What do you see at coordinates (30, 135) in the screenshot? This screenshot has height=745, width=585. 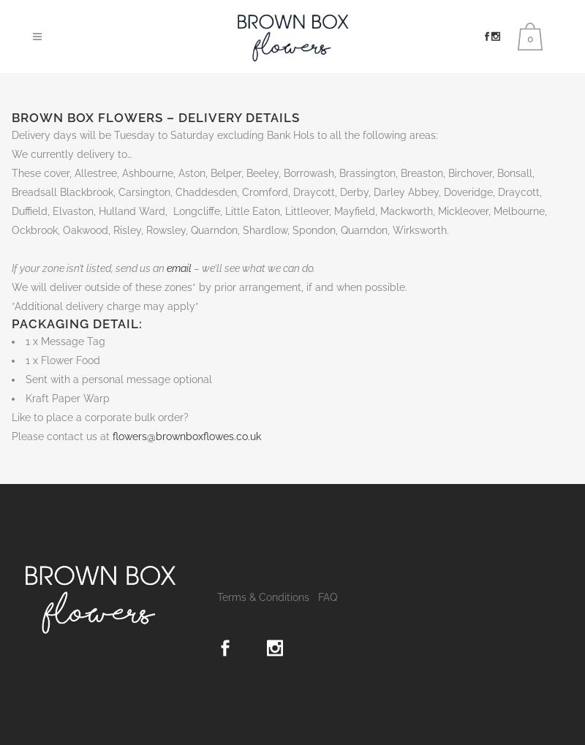 I see `'Delivery'` at bounding box center [30, 135].